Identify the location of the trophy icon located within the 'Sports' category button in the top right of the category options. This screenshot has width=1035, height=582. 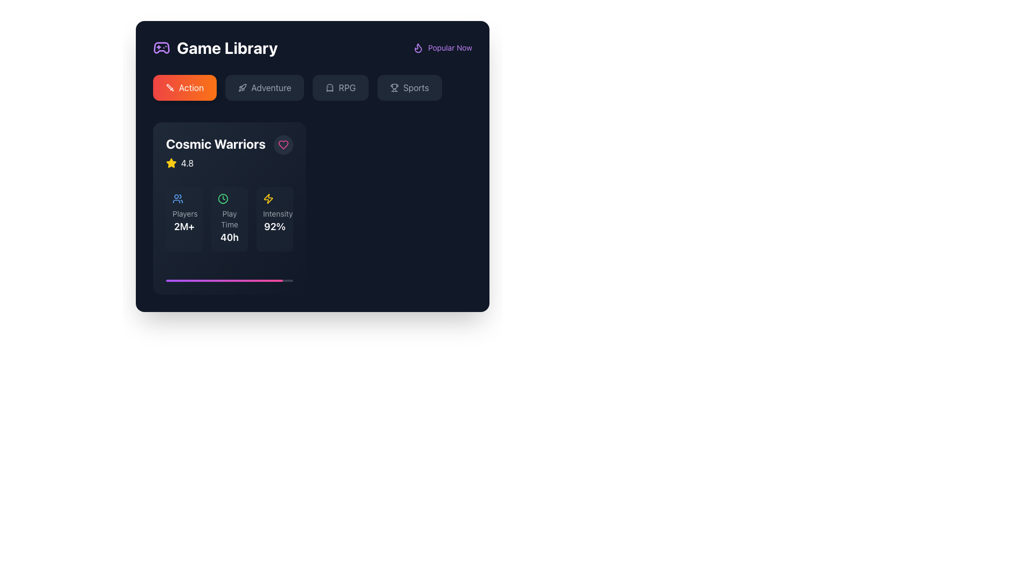
(394, 87).